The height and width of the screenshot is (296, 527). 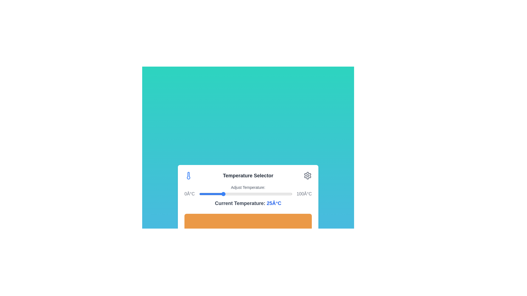 I want to click on 'Apply Settings' button, so click(x=248, y=252).